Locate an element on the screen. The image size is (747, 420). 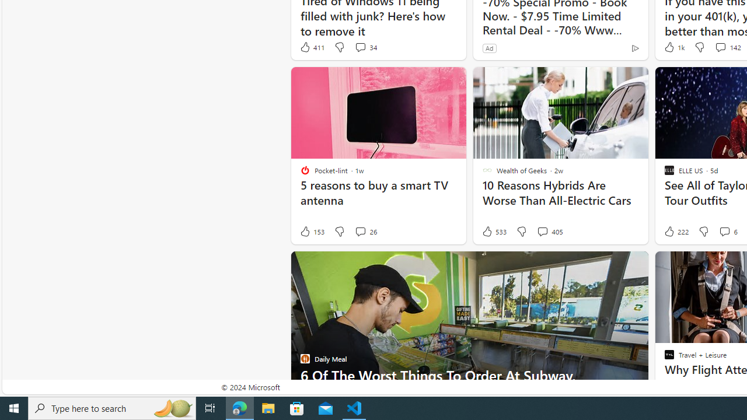
'222 Like' is located at coordinates (675, 232).